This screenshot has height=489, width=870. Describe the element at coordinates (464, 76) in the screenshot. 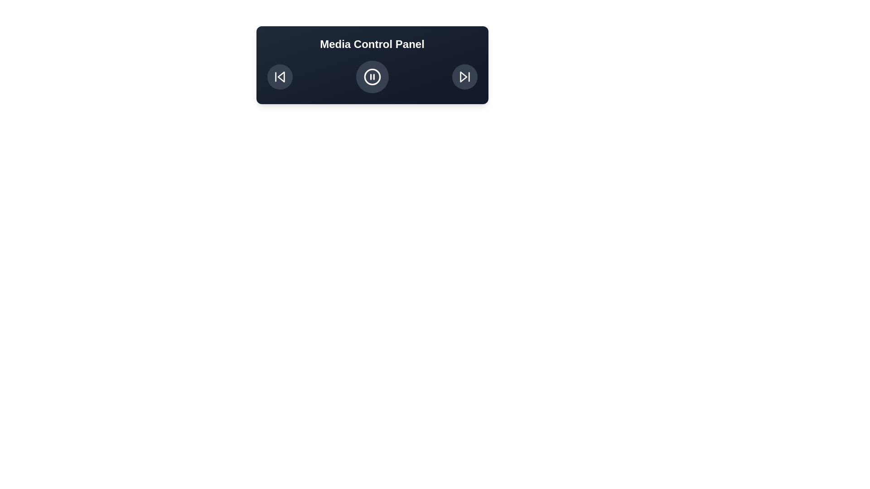

I see `the 'Next Track' button located on the far-right side of the media control panel to skip to the next track in the playlist` at that location.